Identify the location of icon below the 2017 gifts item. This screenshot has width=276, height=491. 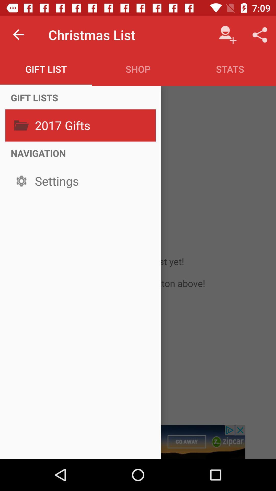
(38, 153).